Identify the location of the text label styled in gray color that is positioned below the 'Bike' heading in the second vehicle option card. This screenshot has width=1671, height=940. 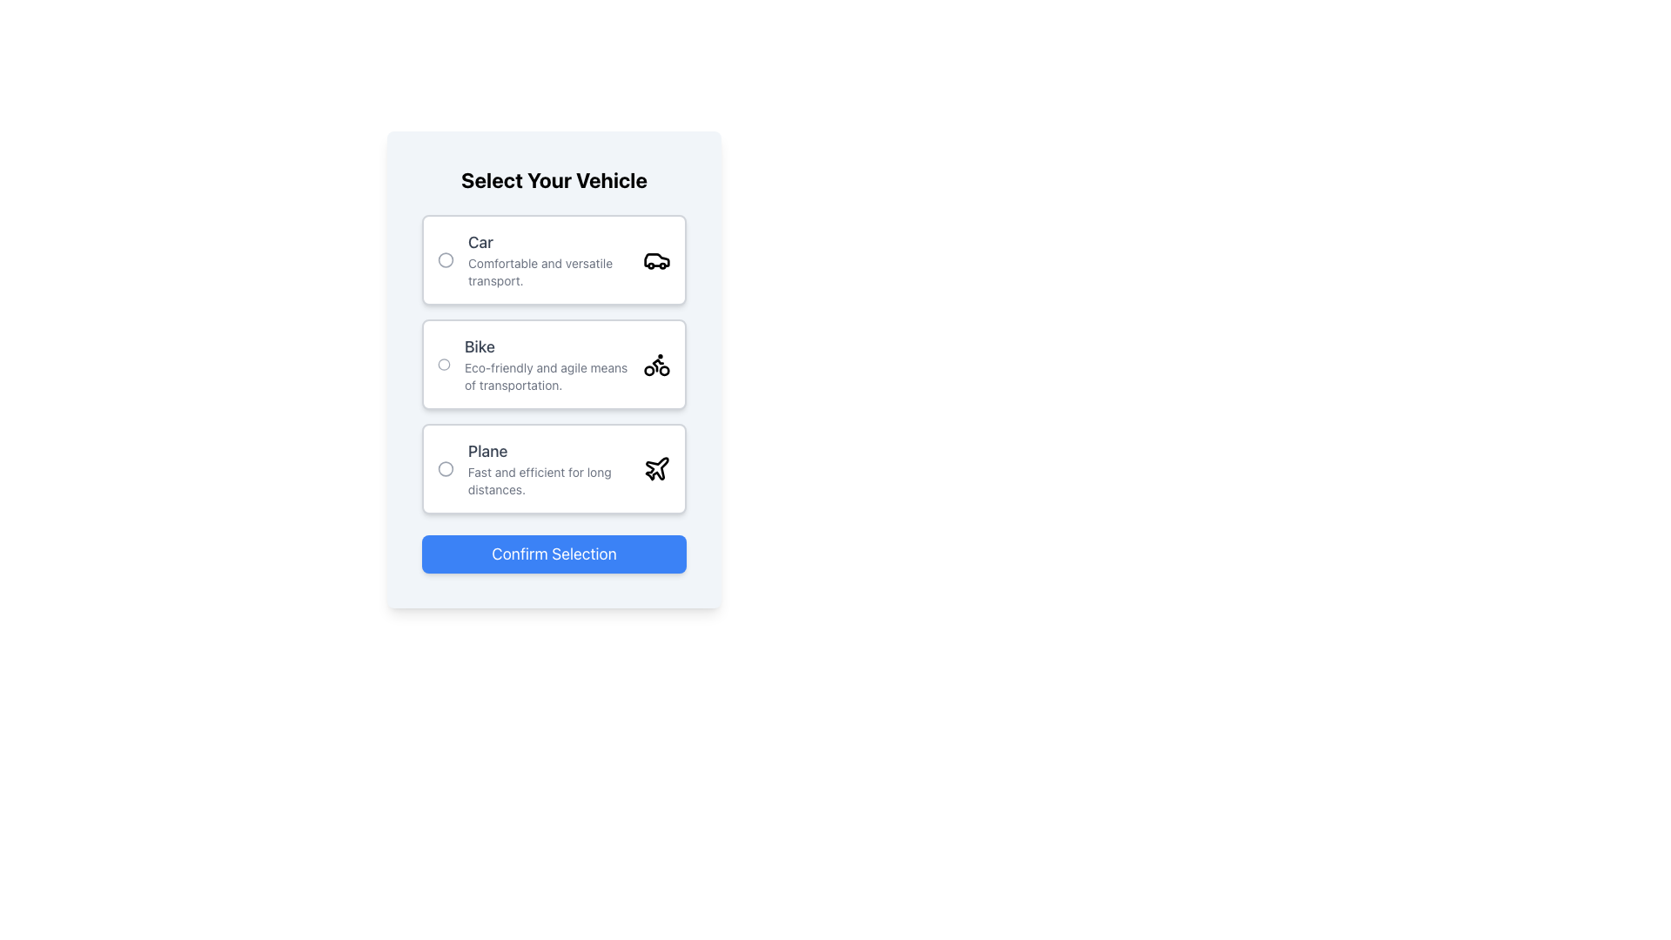
(546, 375).